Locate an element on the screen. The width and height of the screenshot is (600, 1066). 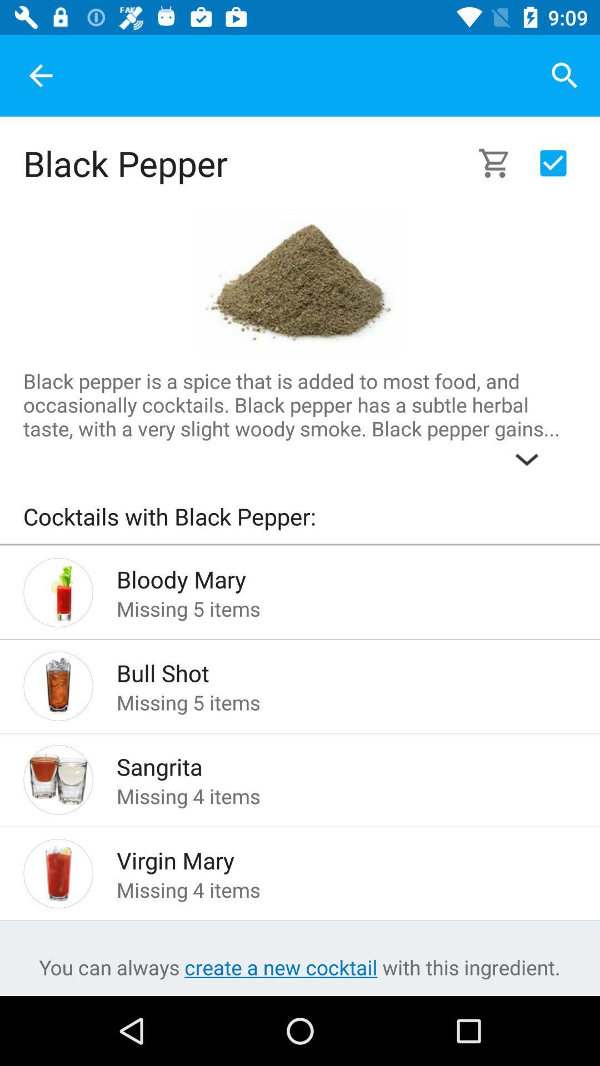
shopping image is located at coordinates (501, 162).